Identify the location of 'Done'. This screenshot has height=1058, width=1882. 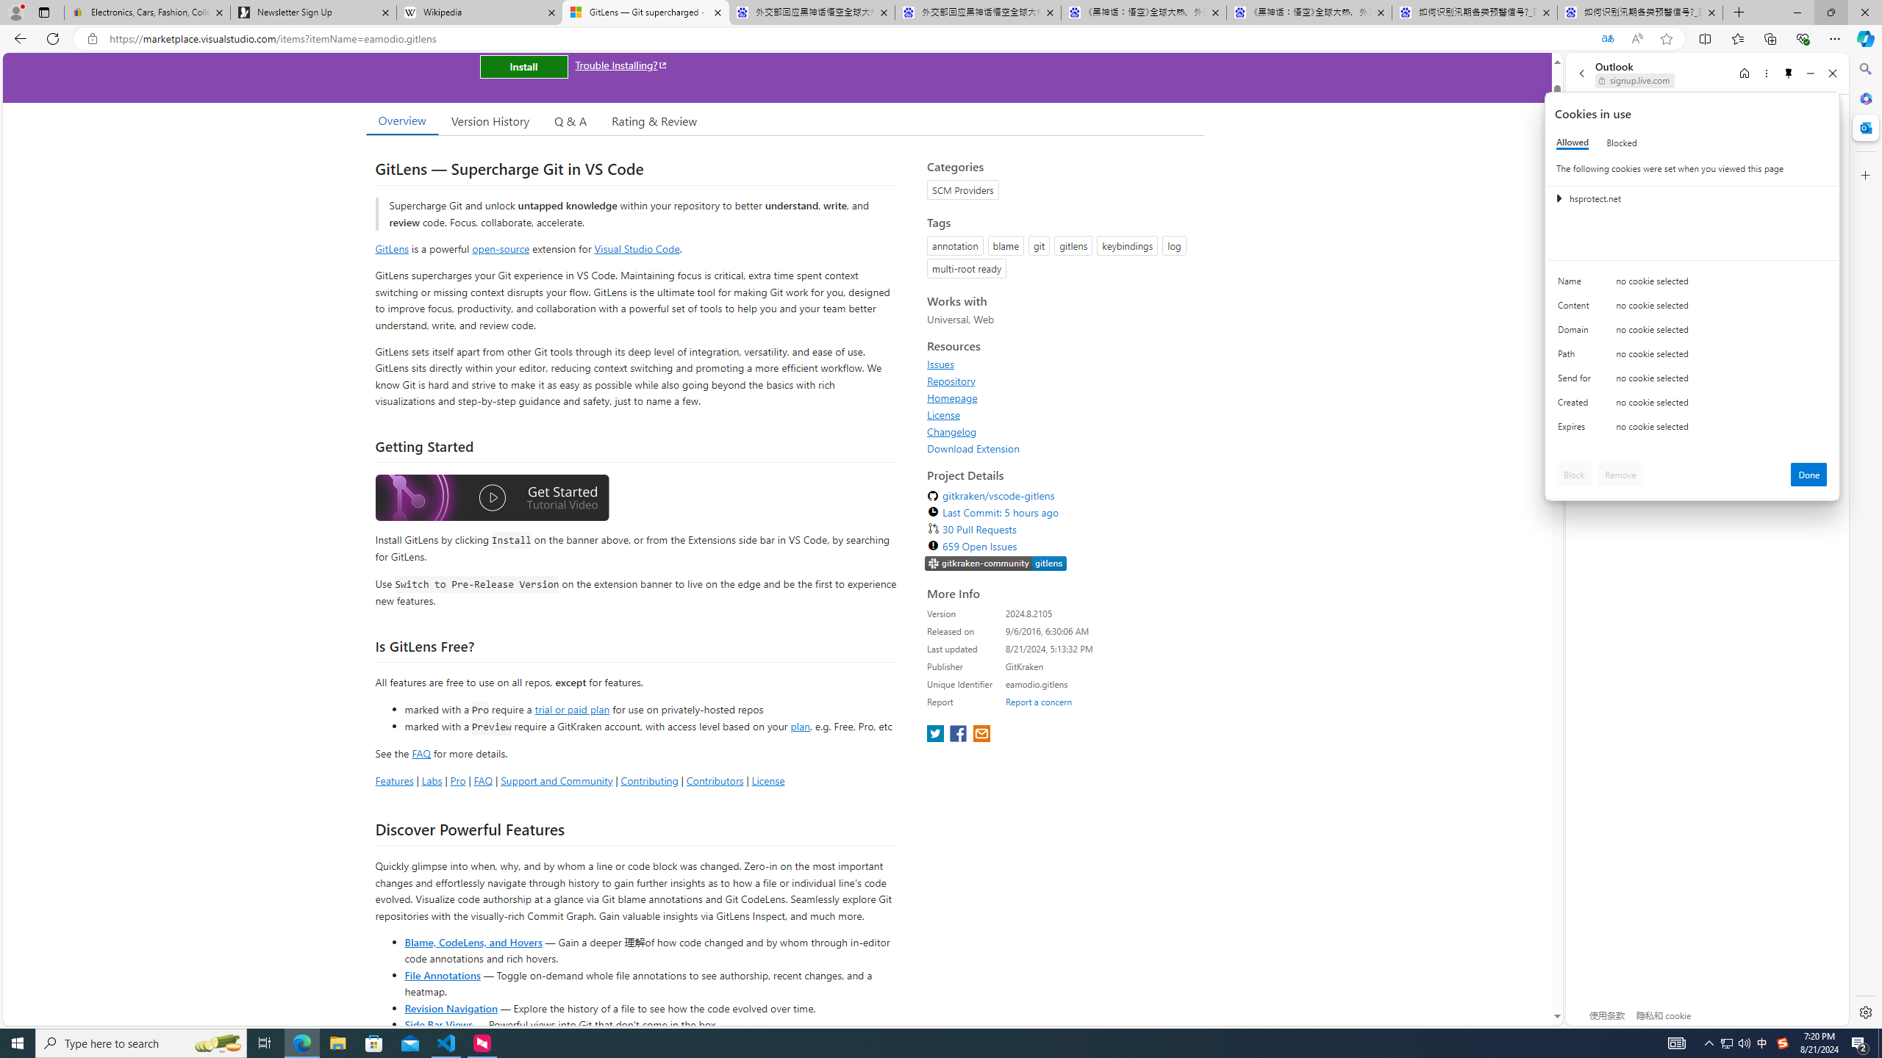
(1809, 475).